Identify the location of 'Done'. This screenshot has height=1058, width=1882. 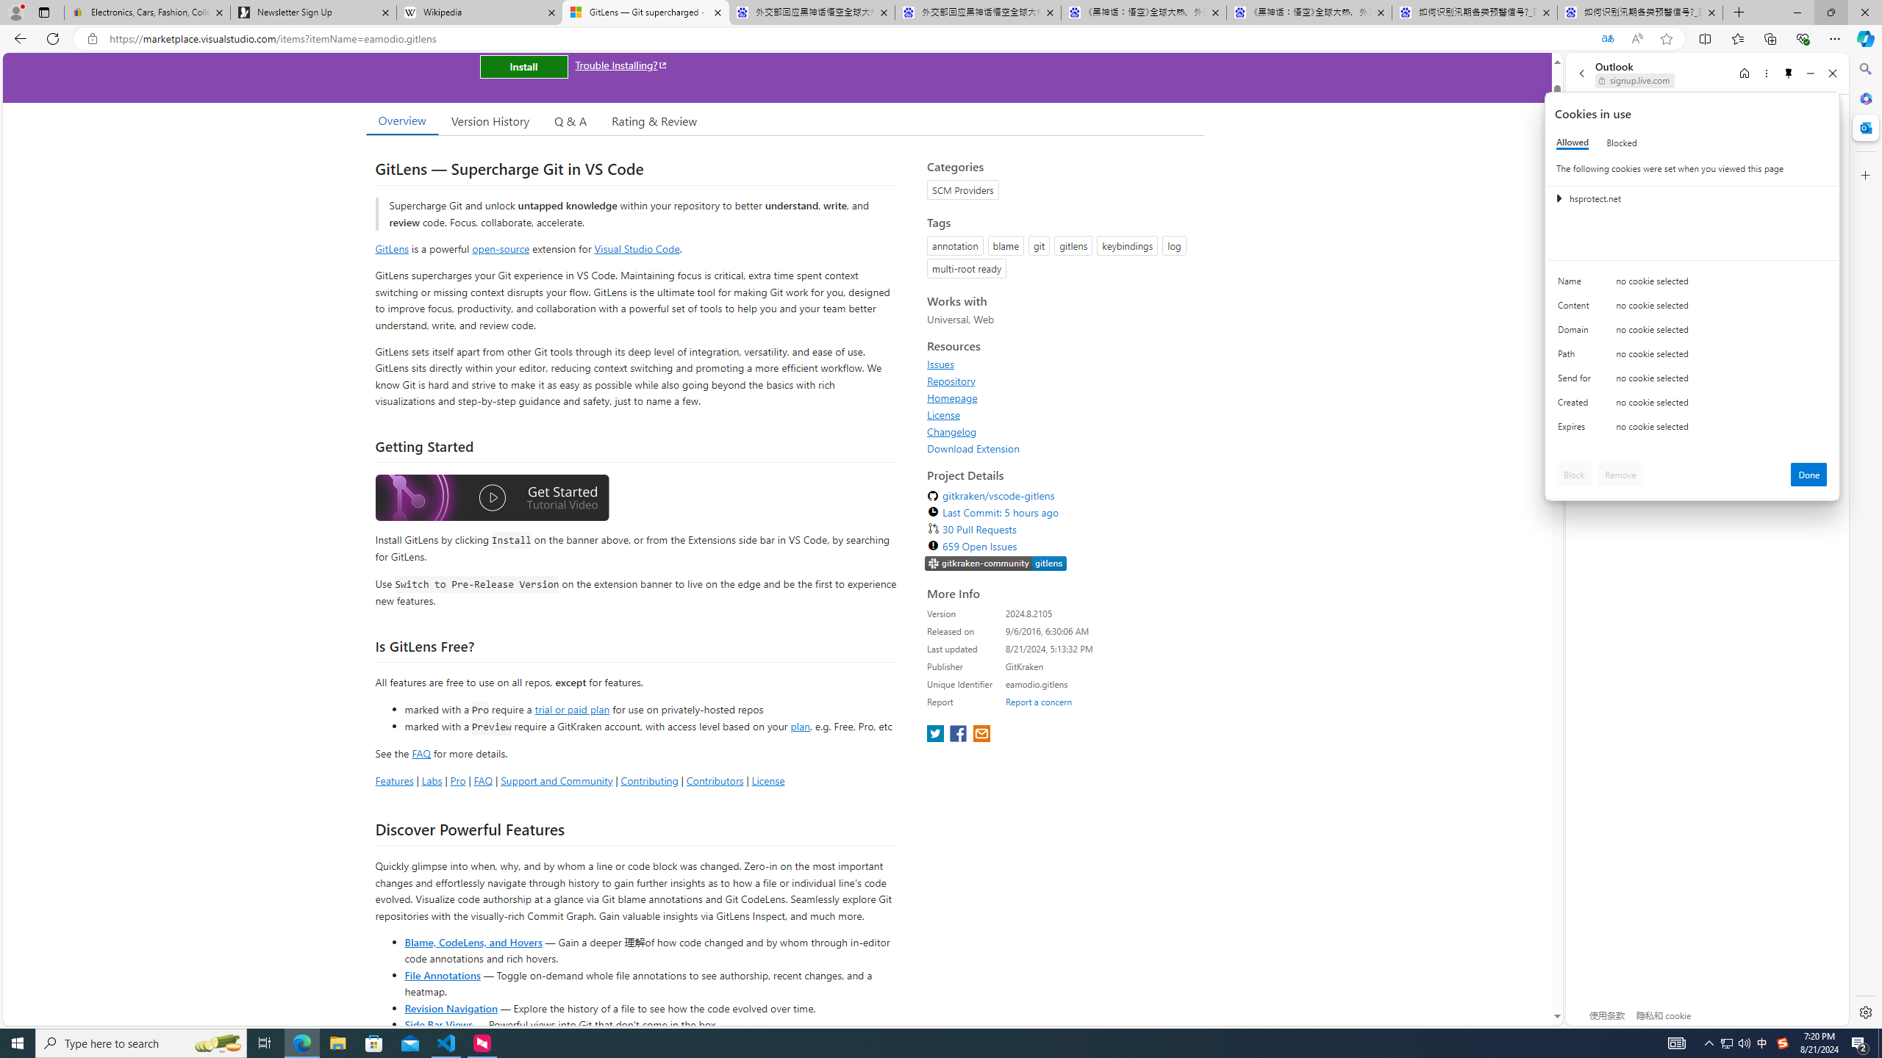
(1809, 475).